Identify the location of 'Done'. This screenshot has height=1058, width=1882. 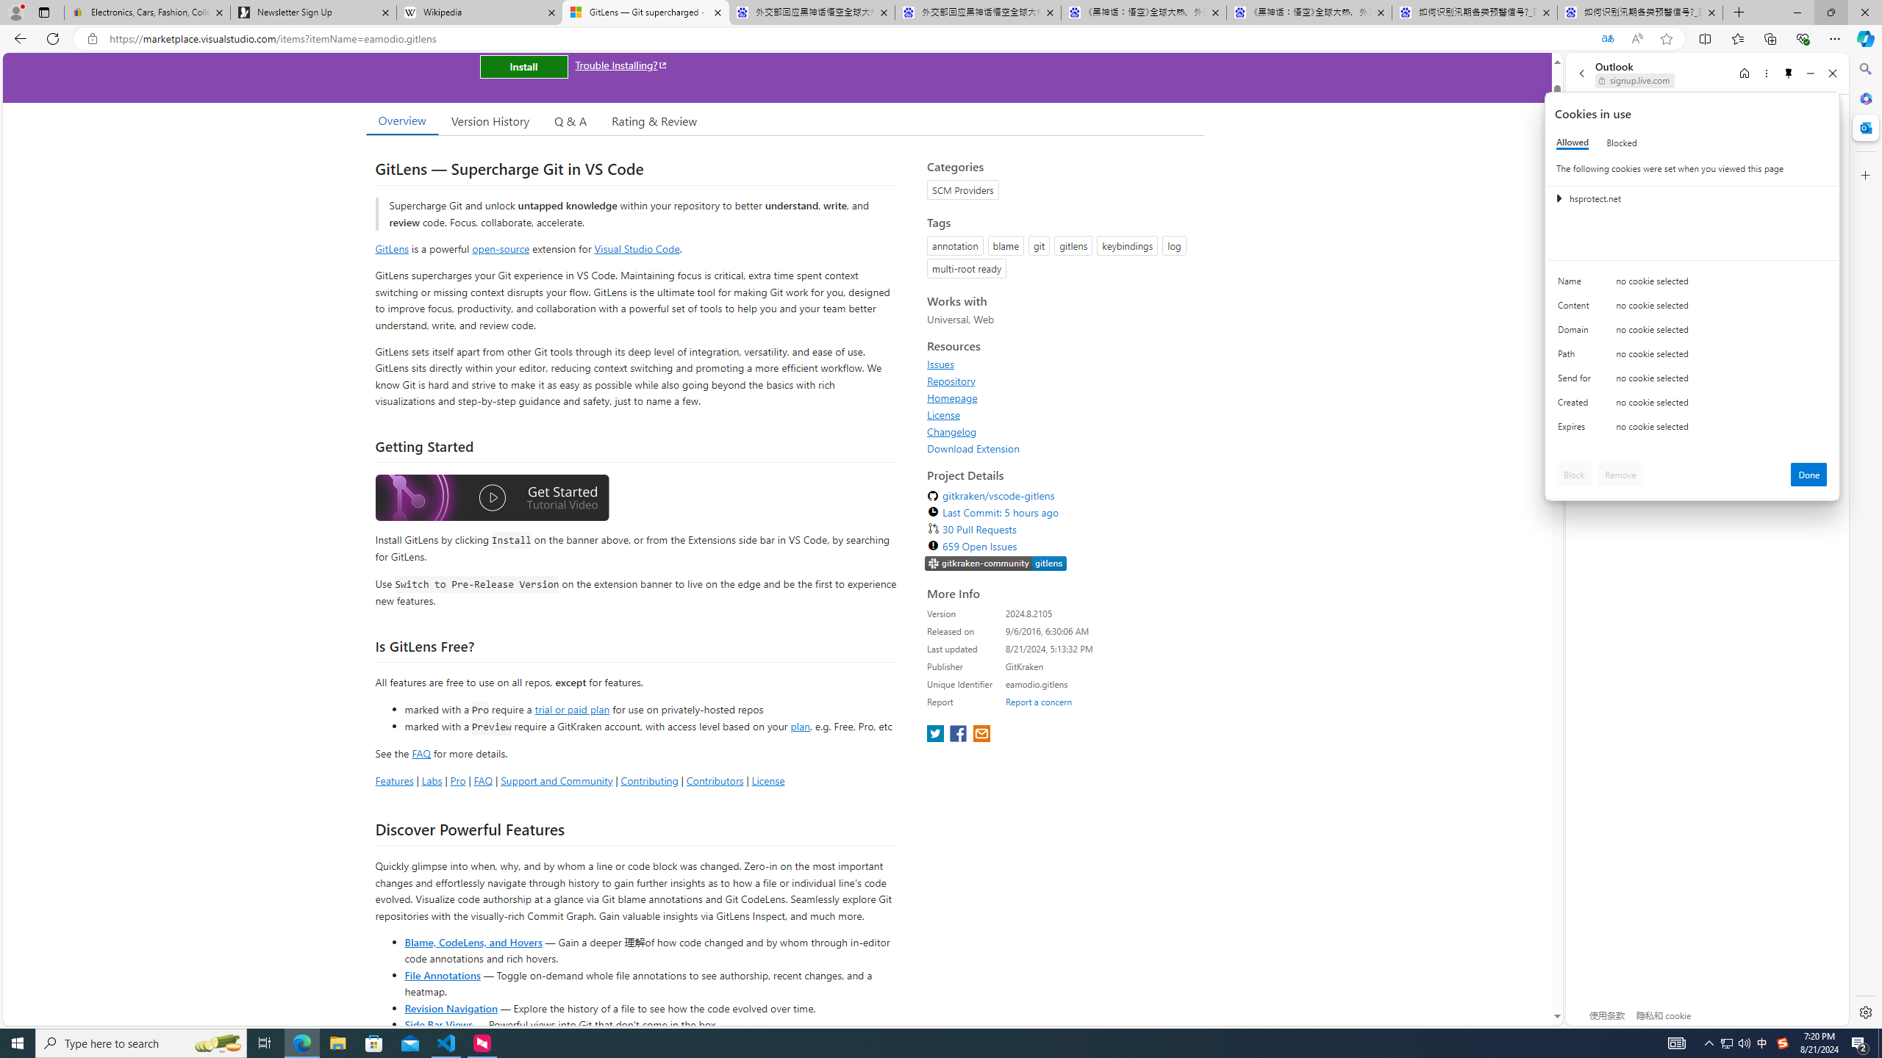
(1809, 475).